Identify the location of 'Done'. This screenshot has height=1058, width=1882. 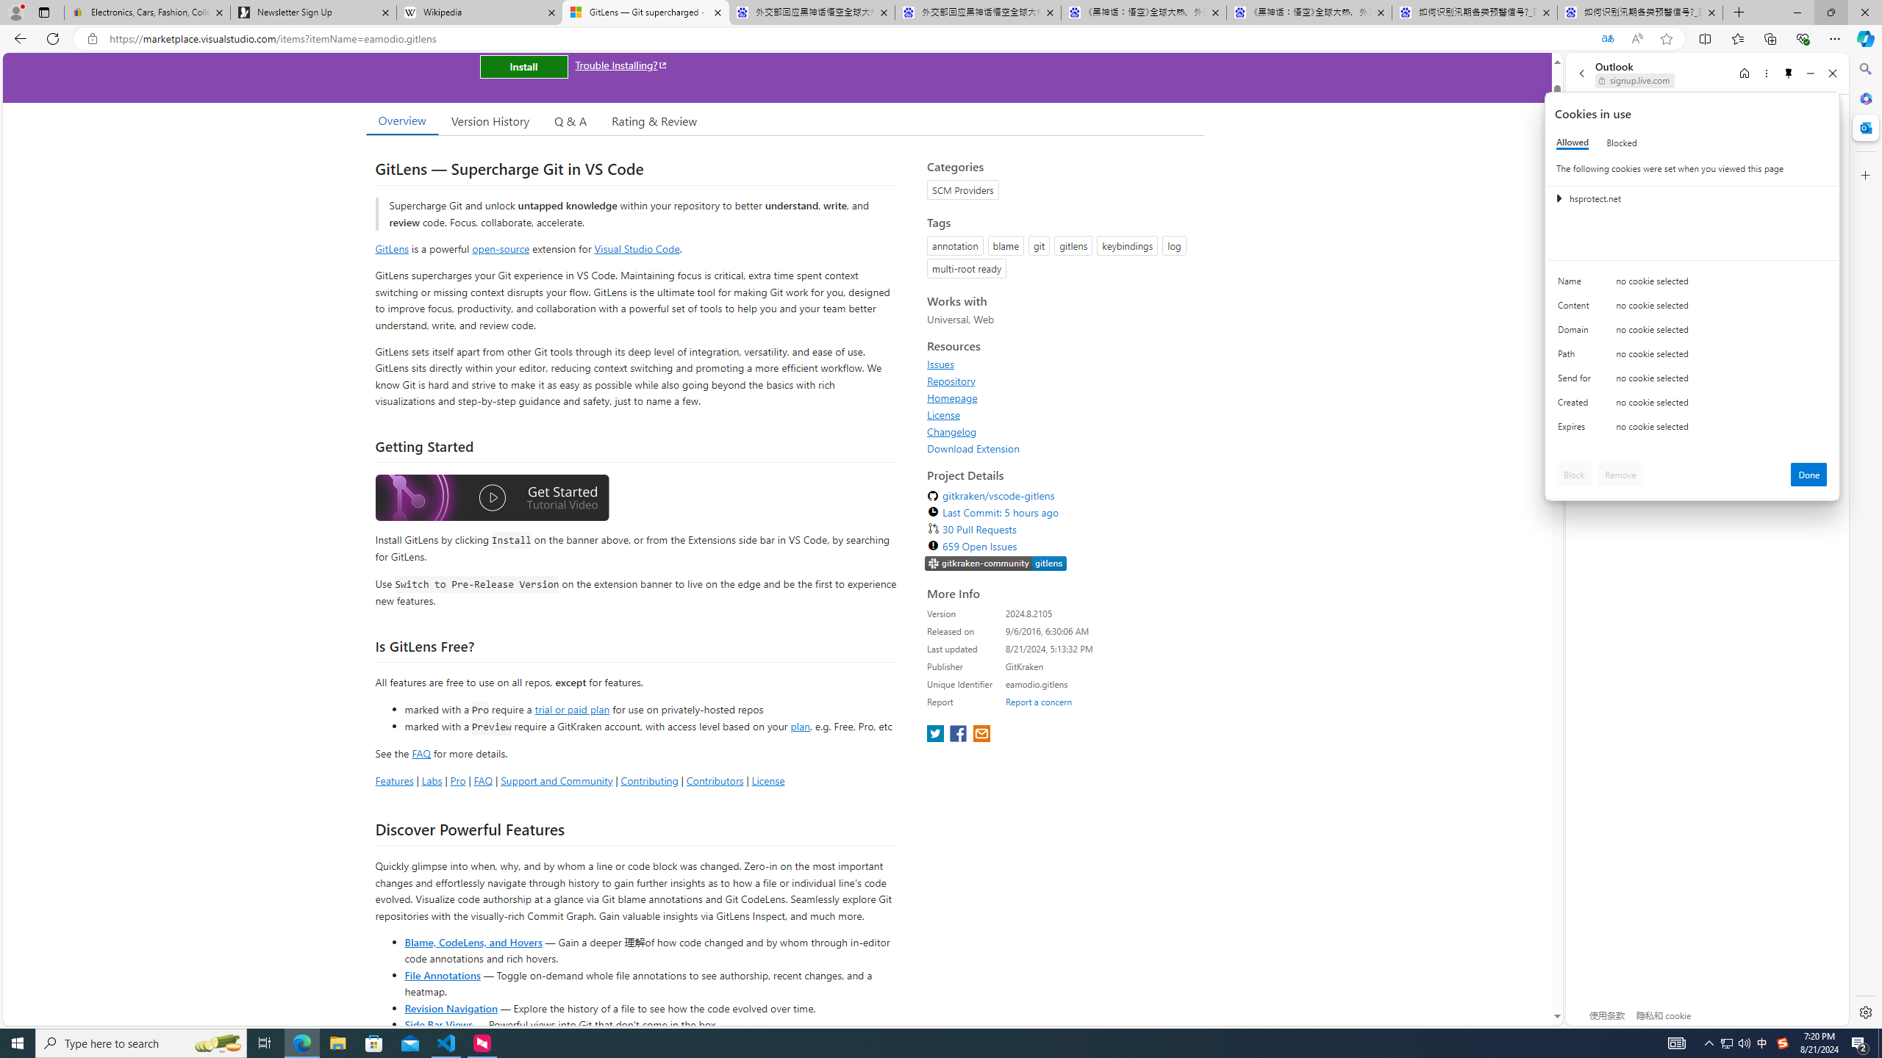
(1809, 475).